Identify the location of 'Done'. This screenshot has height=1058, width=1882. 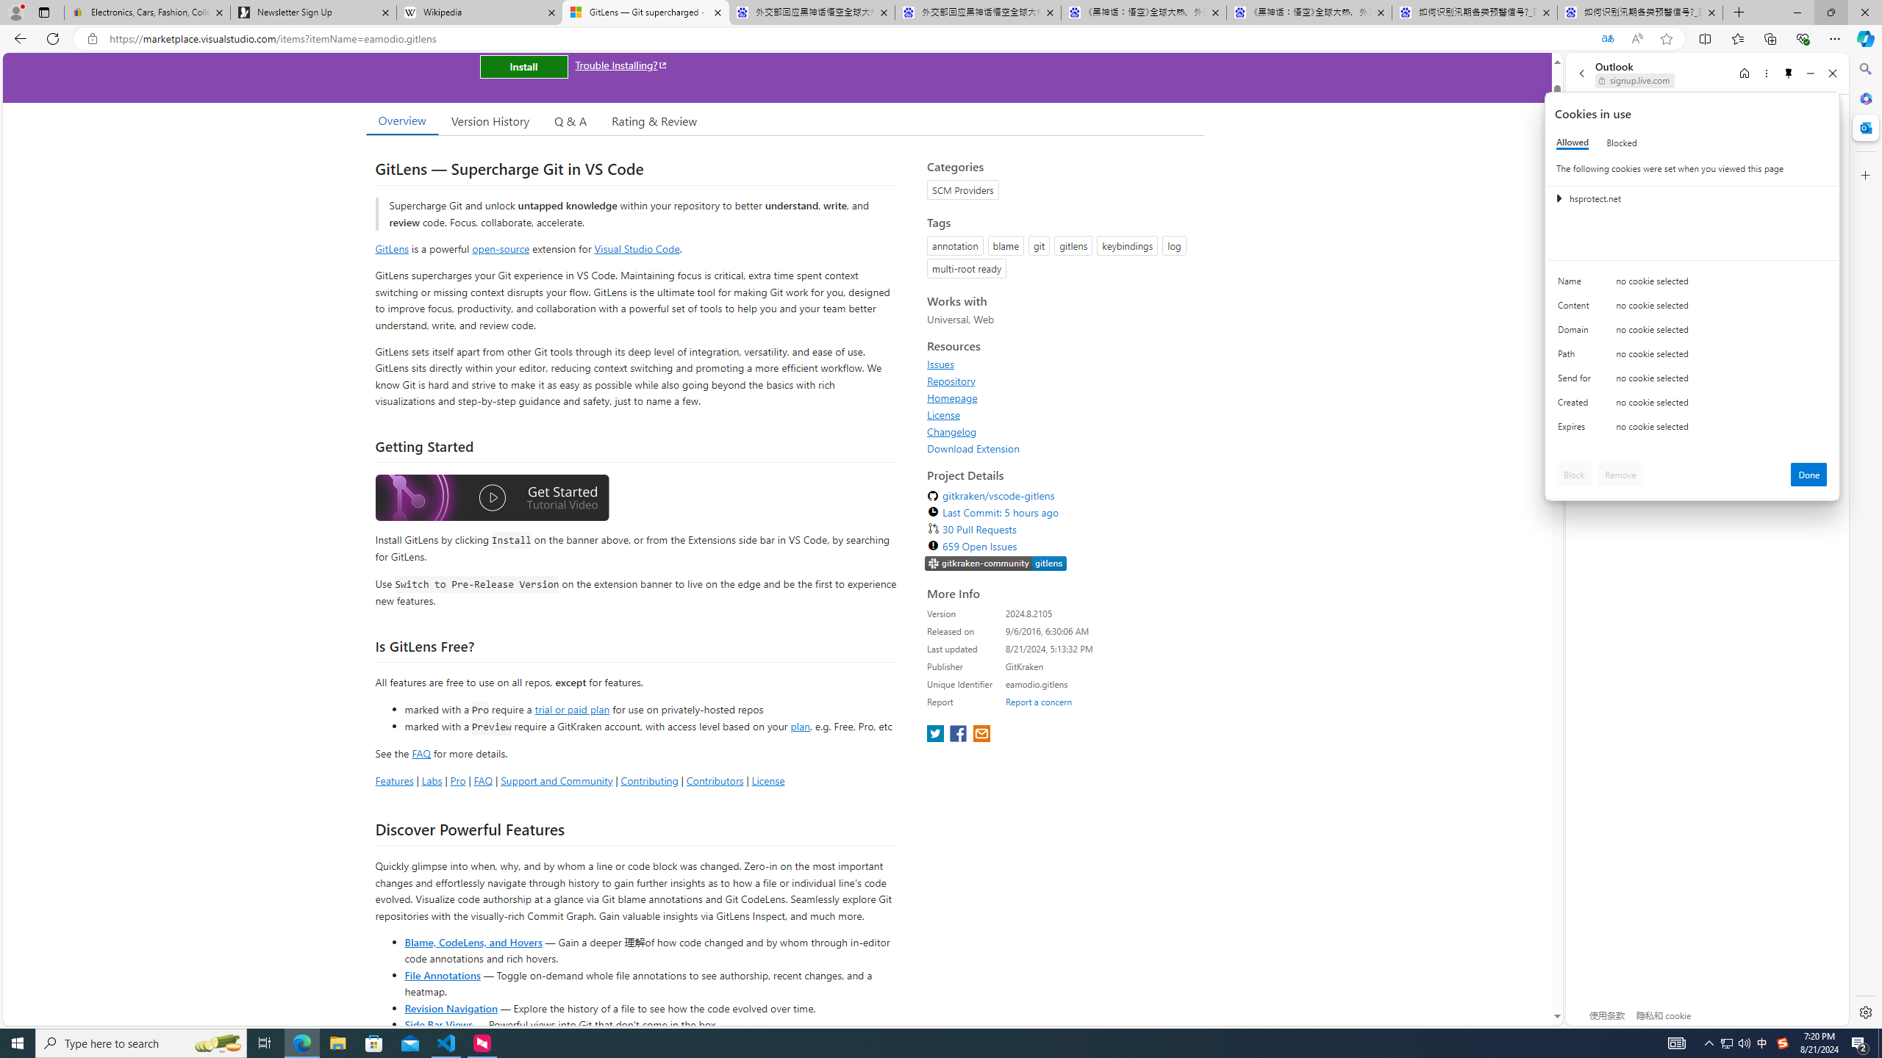
(1809, 475).